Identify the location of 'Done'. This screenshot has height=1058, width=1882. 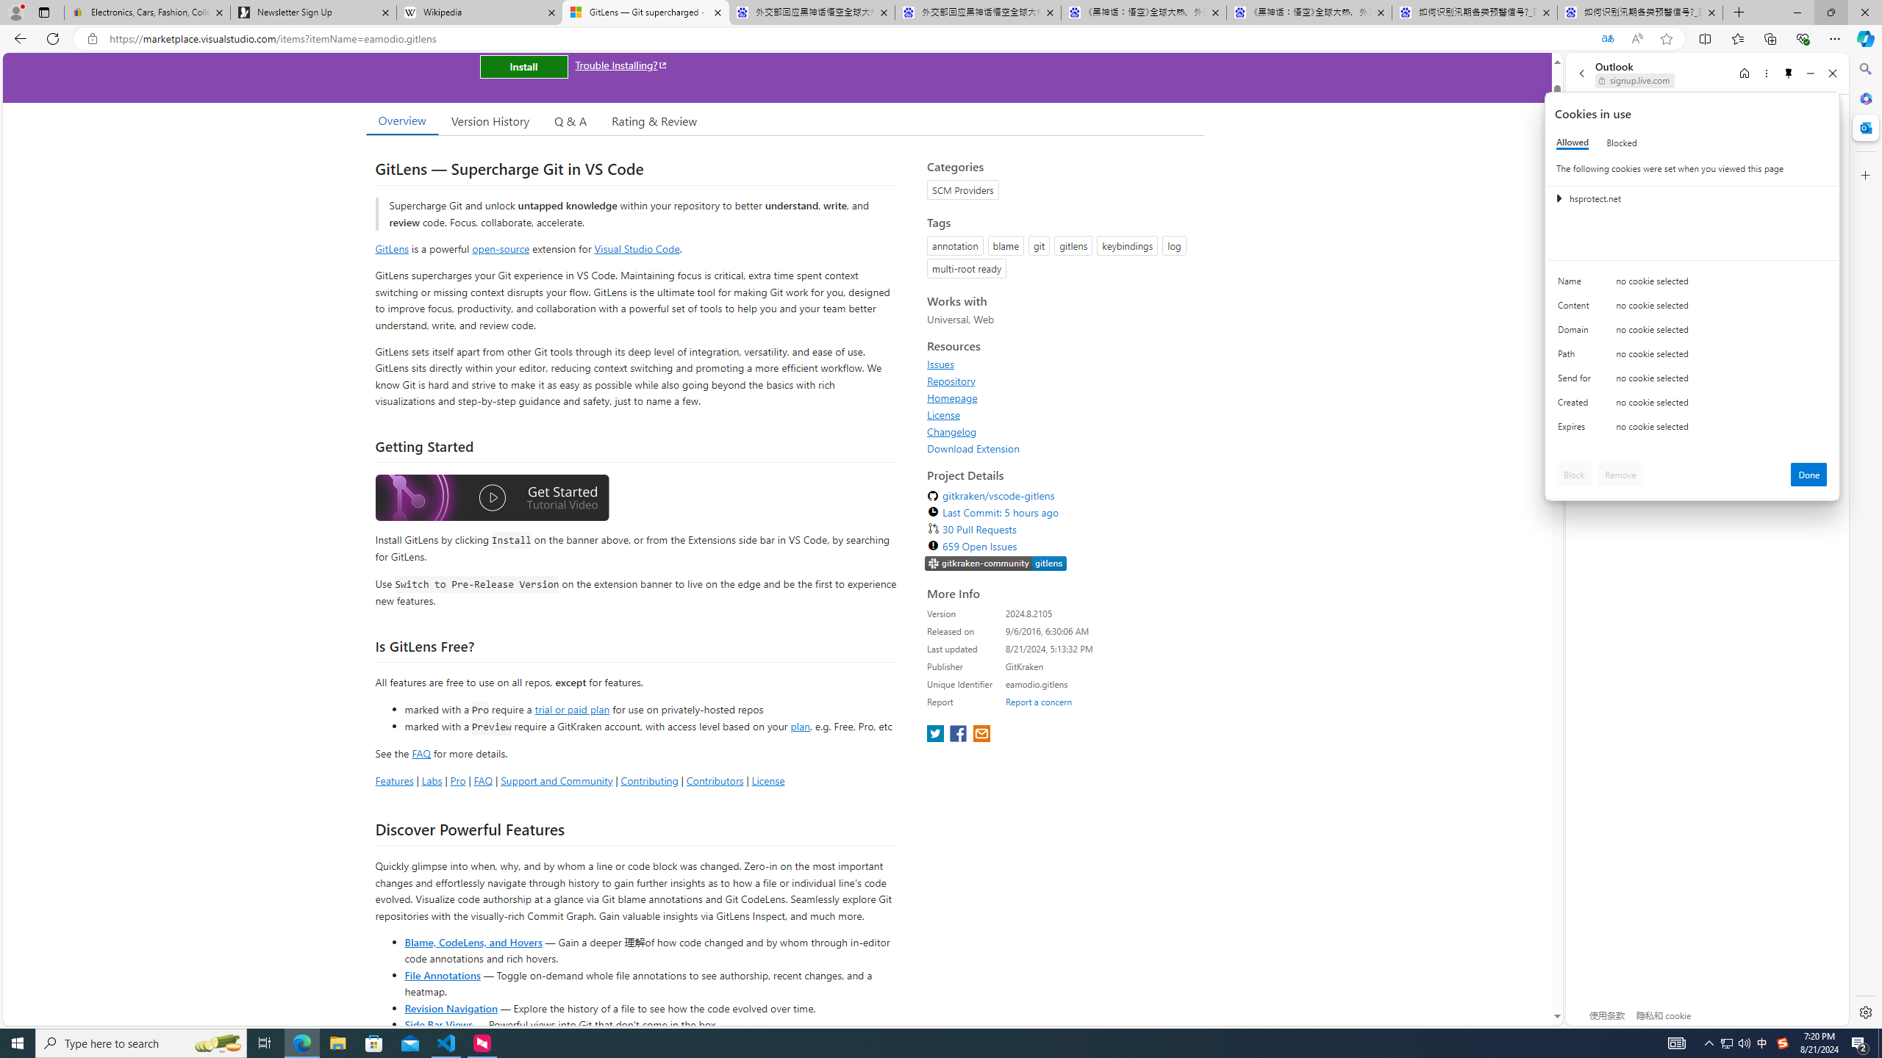
(1809, 475).